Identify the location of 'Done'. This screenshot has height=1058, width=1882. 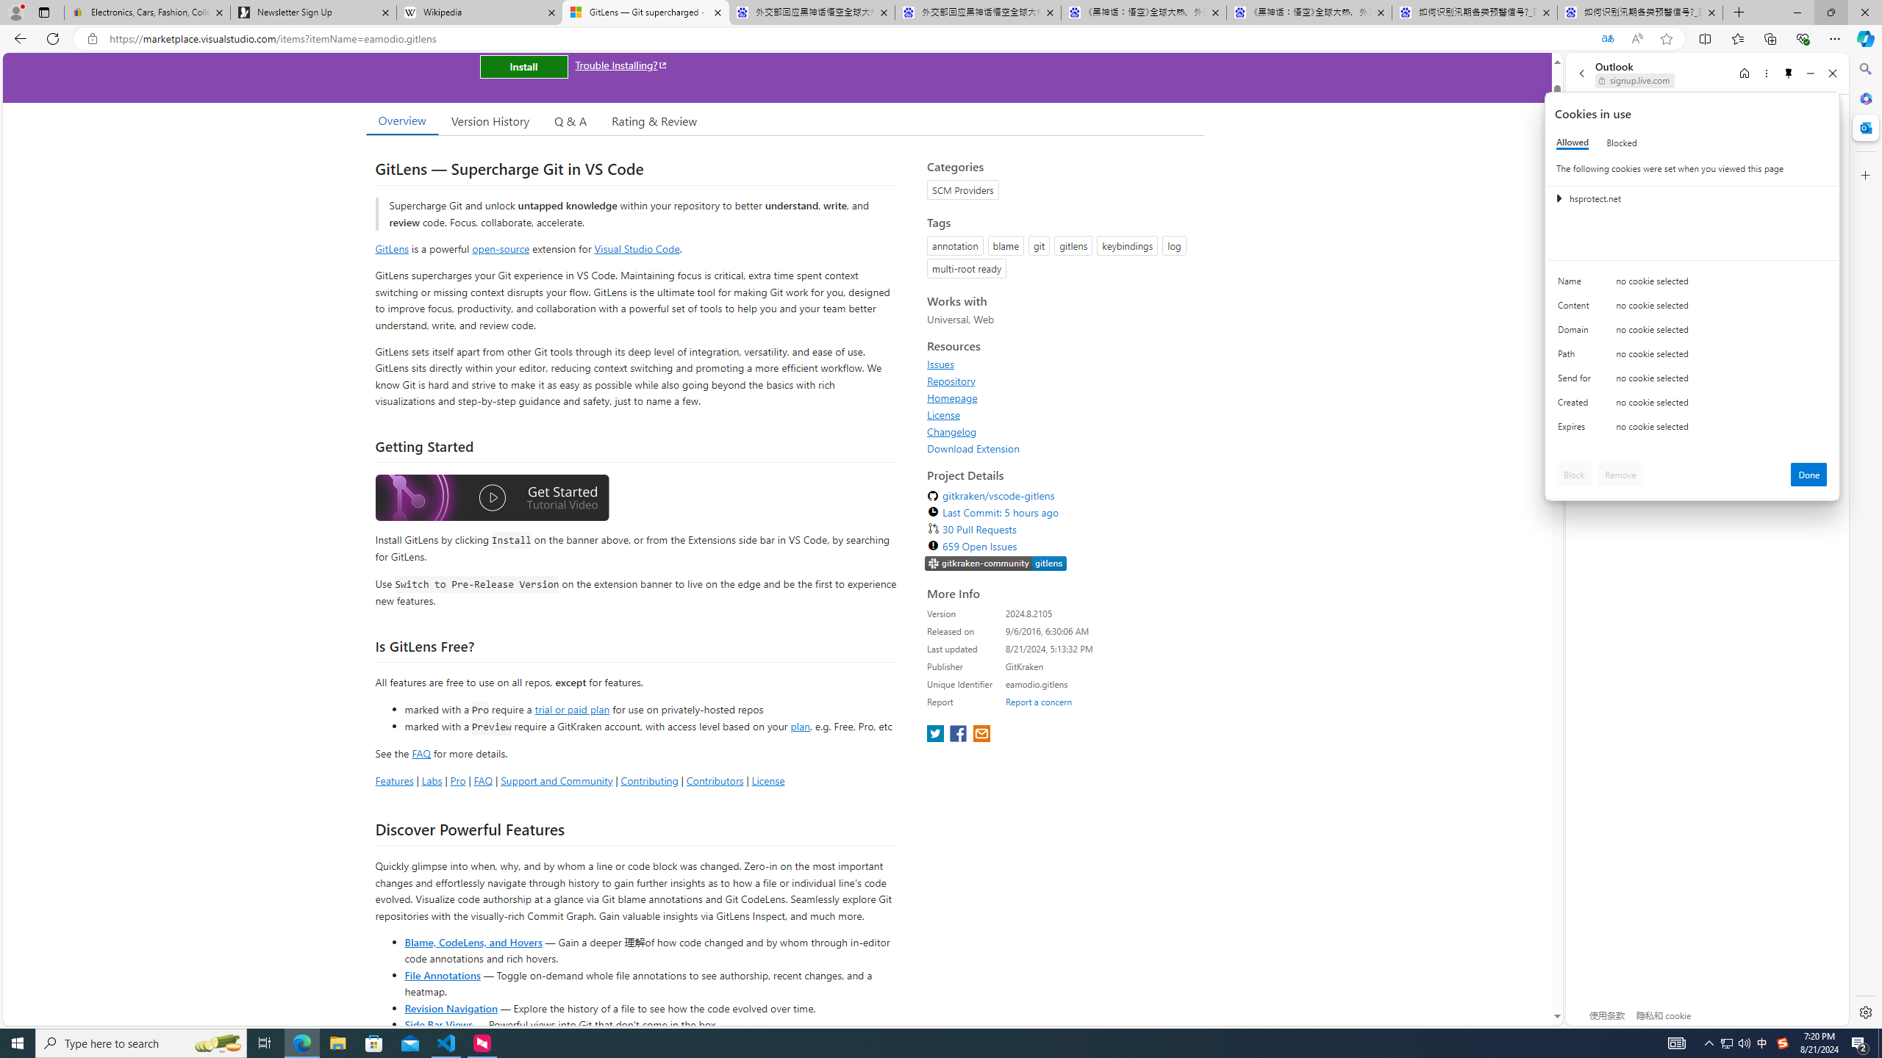
(1809, 475).